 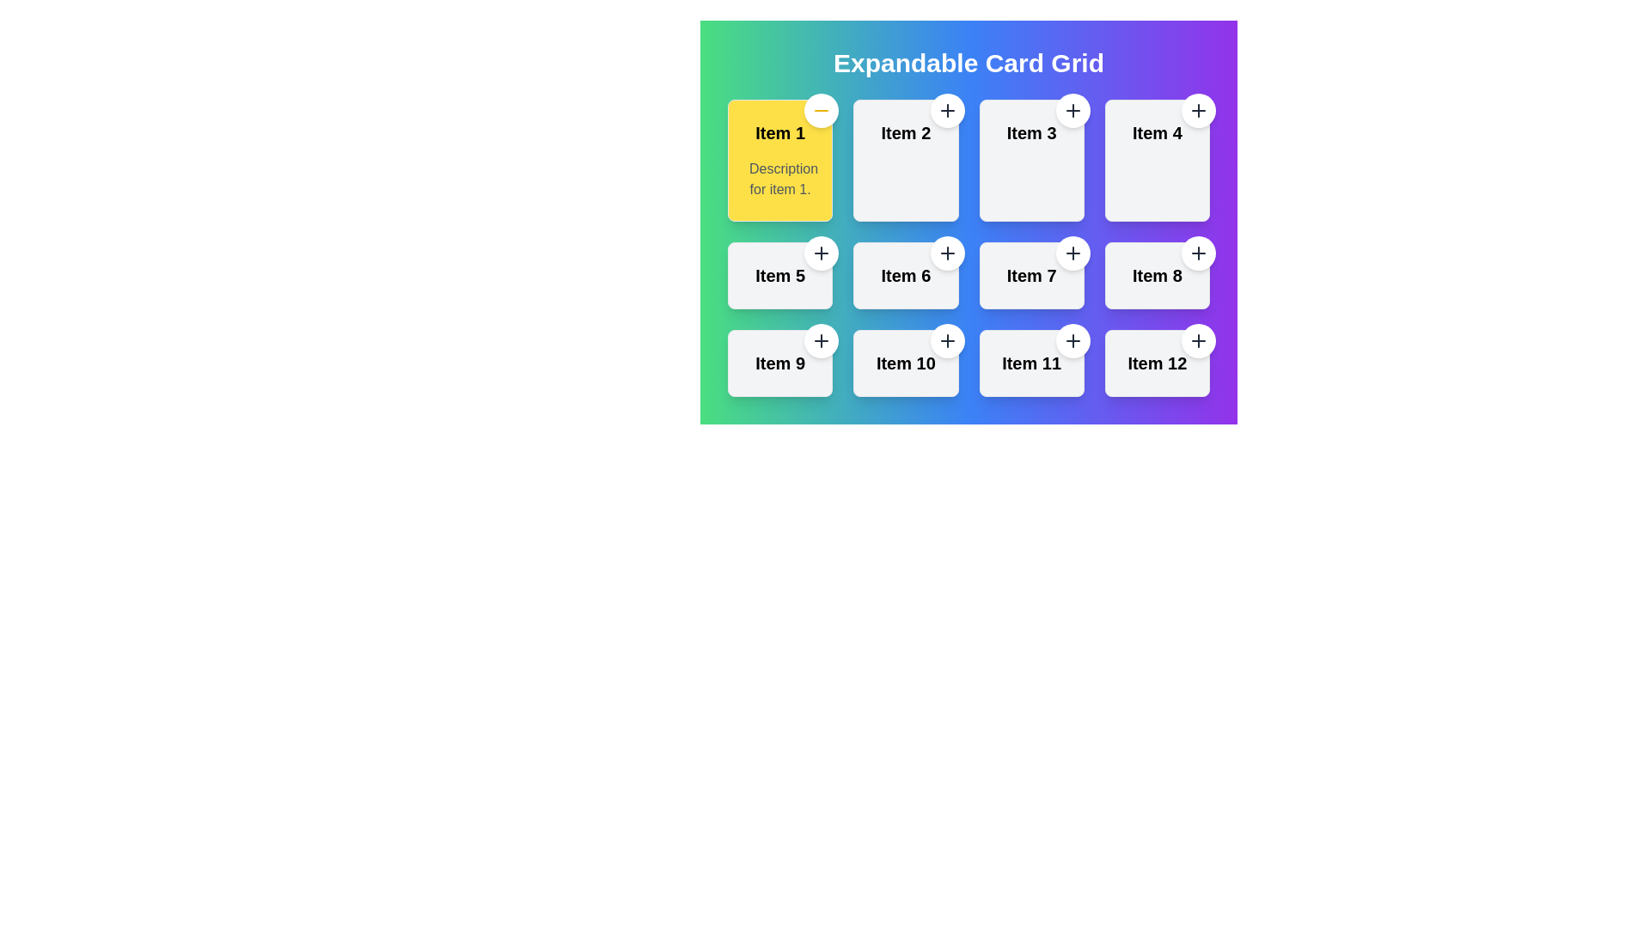 I want to click on the text label identifying the card as 'Item 7', located in the center of the third row of a 3x4 grid layout, so click(x=1031, y=274).